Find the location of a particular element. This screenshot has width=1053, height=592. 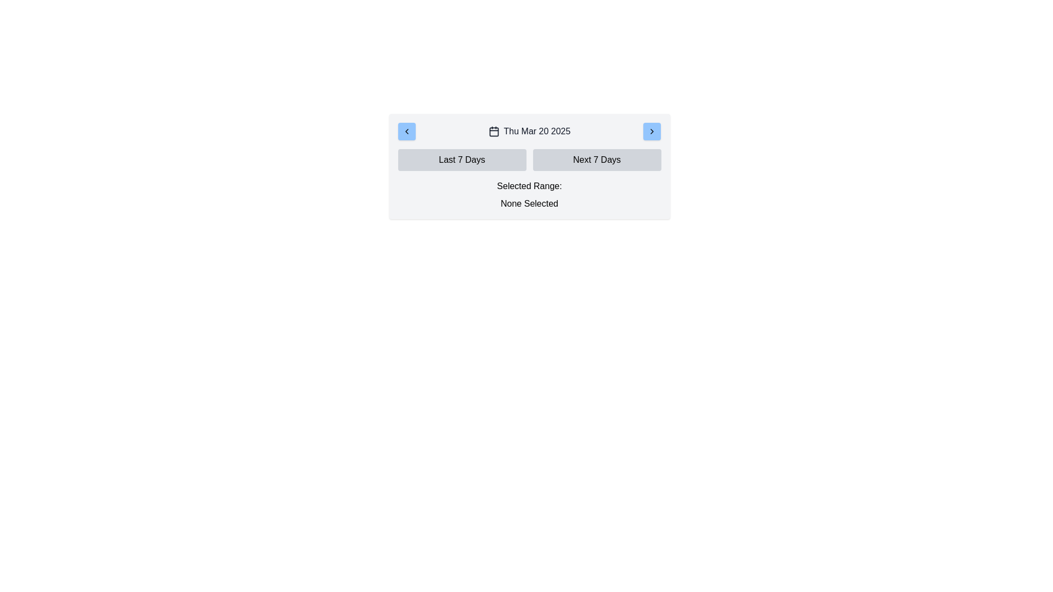

text from the Text Label displaying 'Selected Range:', which is formatted in bold and center-aligned above the 'None Selected' text is located at coordinates (529, 185).